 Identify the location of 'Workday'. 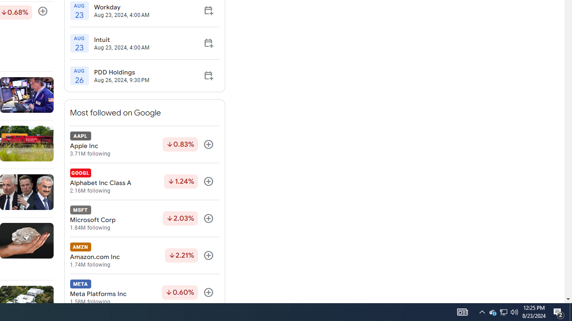
(121, 7).